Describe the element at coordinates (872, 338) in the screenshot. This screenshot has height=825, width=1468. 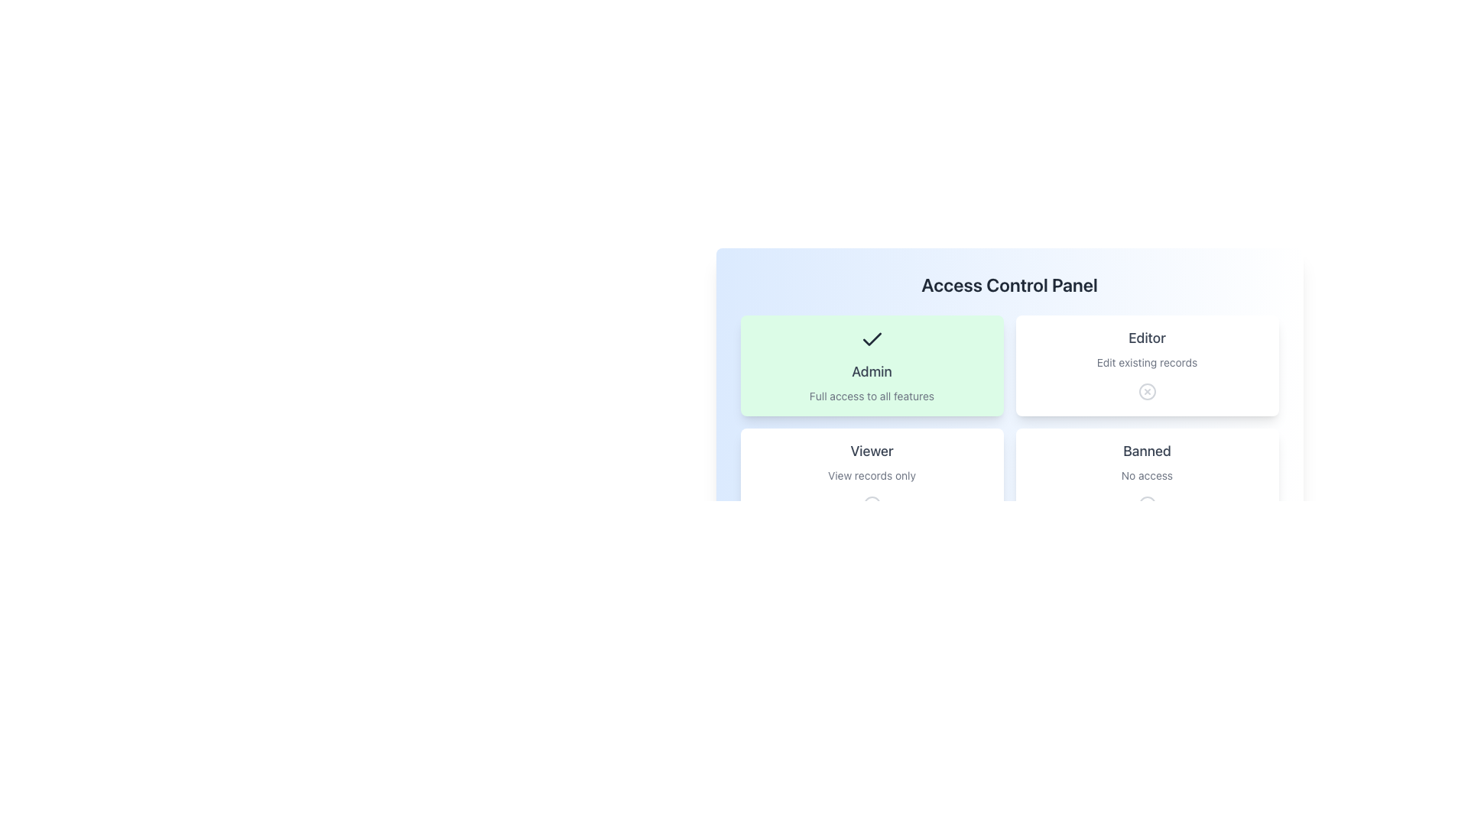
I see `the checkmark icon located at the top-center of the green block labeled 'Admin' in the 'Access Control Panel', which indicates selection for 'Admin' access level` at that location.